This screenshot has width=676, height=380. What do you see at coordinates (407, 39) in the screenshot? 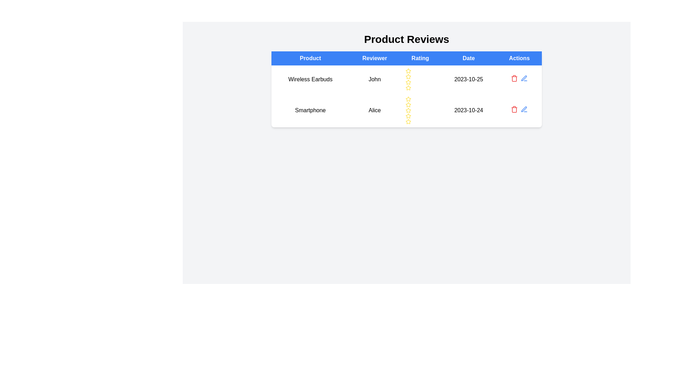
I see `the section heading with the text 'Product Reviews', which is styled in a bold, large font and positioned above the review table` at bounding box center [407, 39].